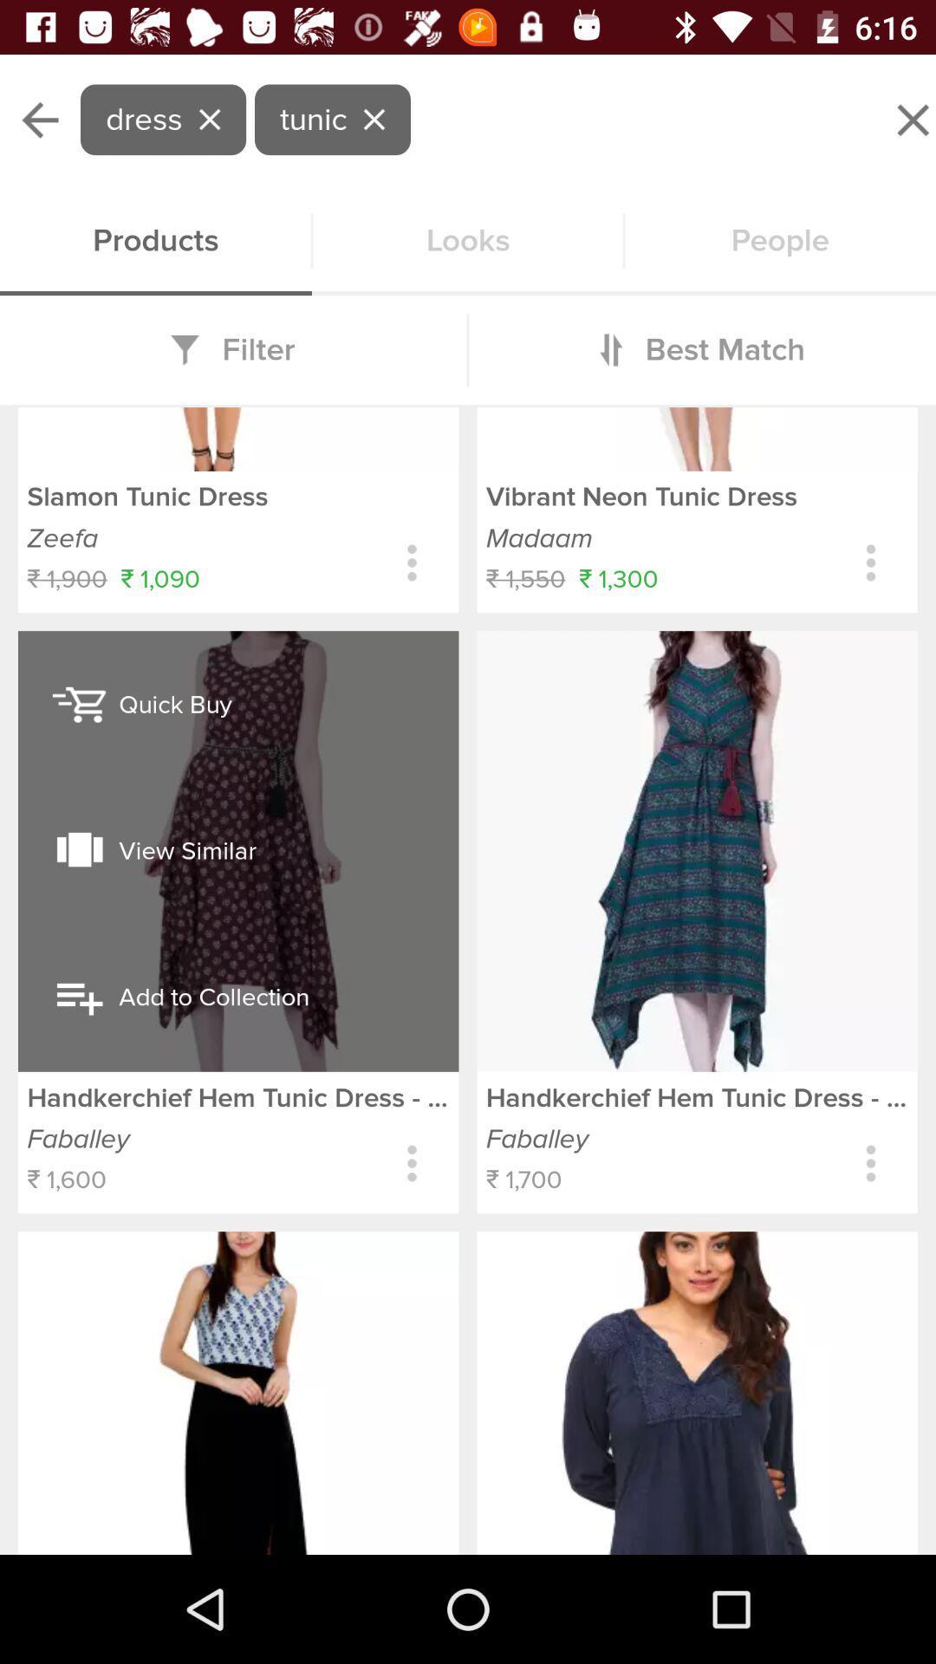  What do you see at coordinates (871, 562) in the screenshot?
I see `get item details` at bounding box center [871, 562].